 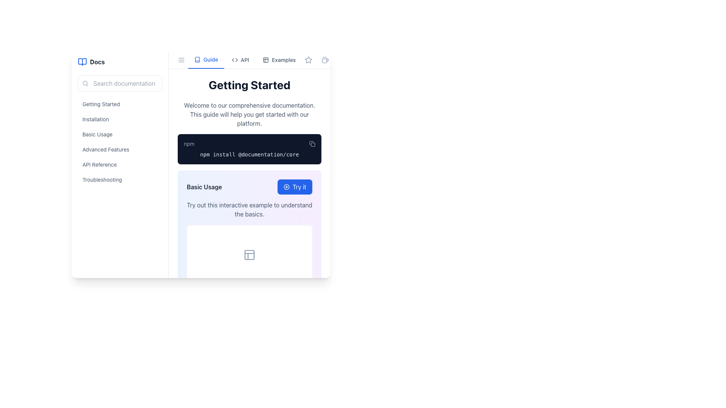 What do you see at coordinates (197, 59) in the screenshot?
I see `the 'Guide' icon located in the navigation bar, positioned to the left of the 'Guide' text tab` at bounding box center [197, 59].